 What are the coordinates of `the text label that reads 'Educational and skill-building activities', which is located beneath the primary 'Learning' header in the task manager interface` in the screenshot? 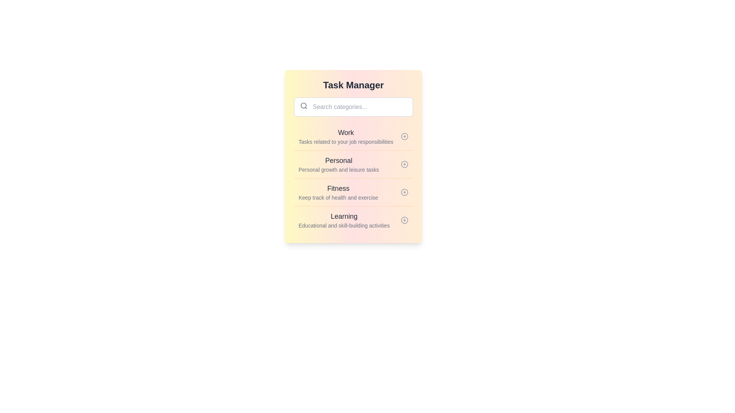 It's located at (344, 225).